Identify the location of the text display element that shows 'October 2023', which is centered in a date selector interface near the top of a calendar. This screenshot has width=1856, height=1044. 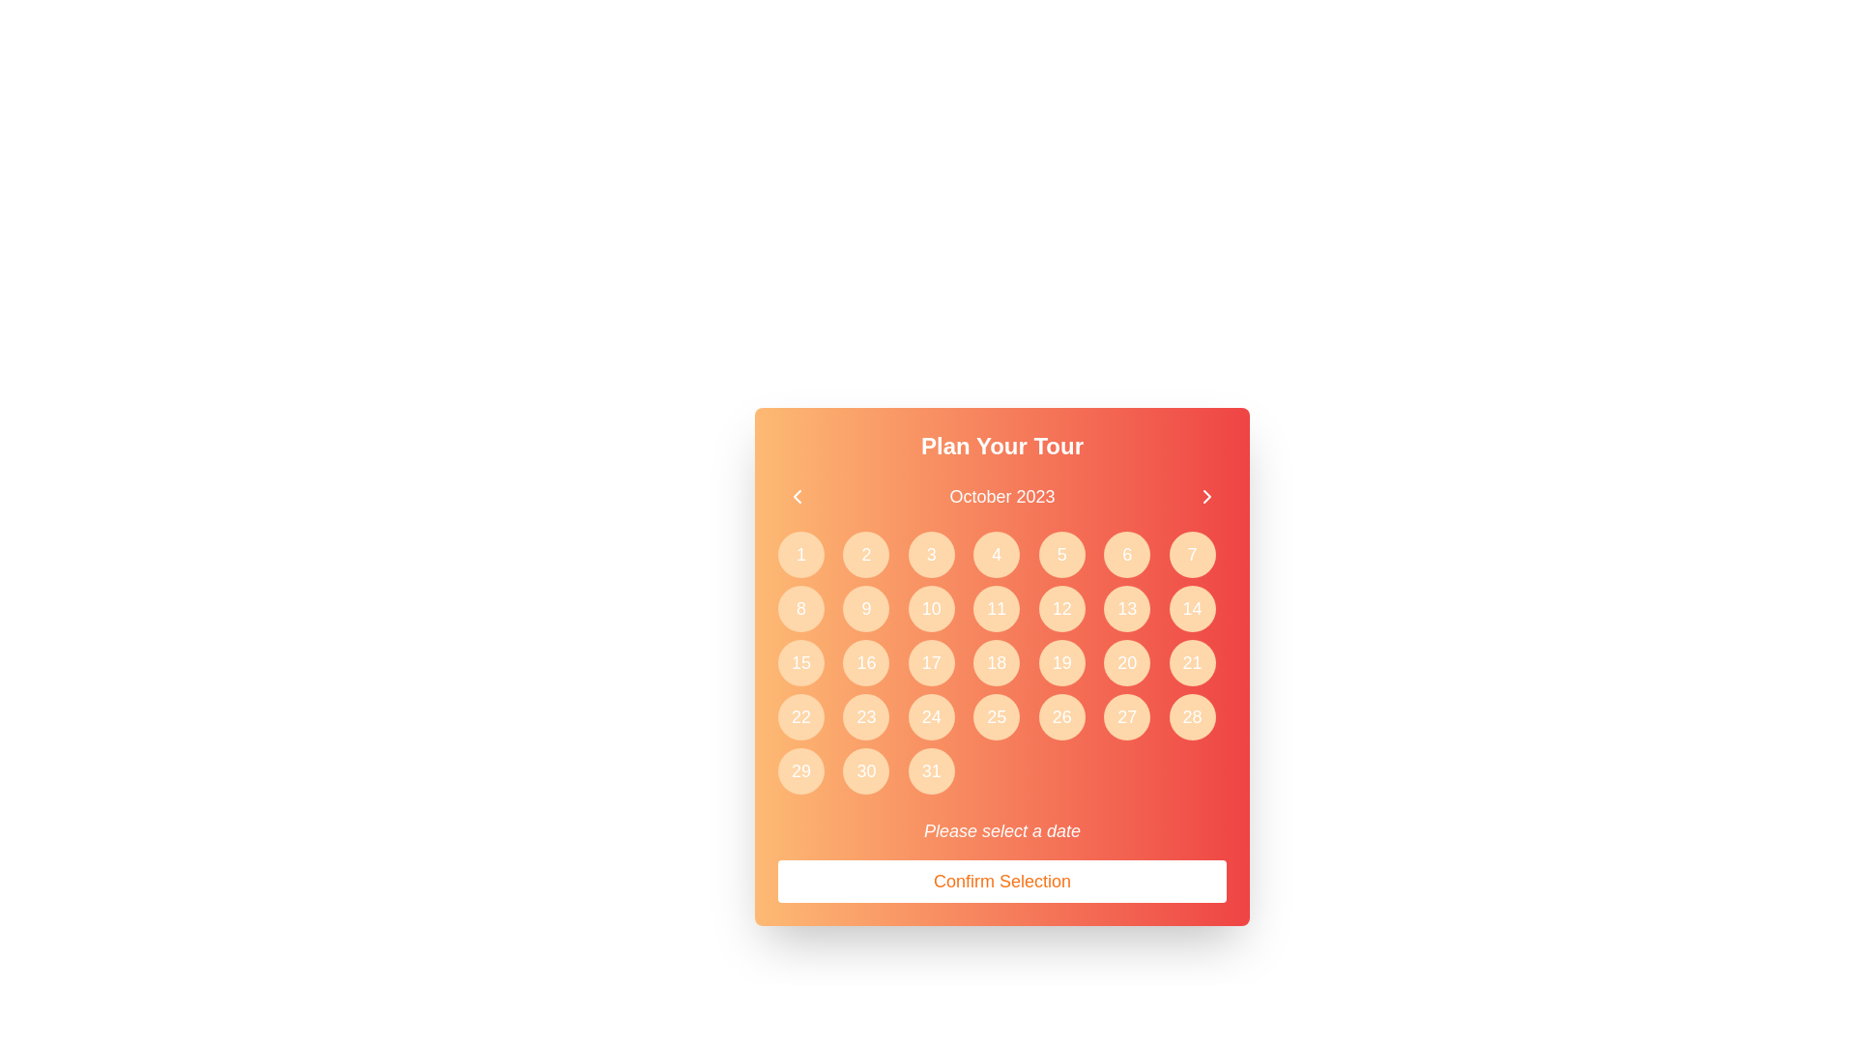
(1001, 495).